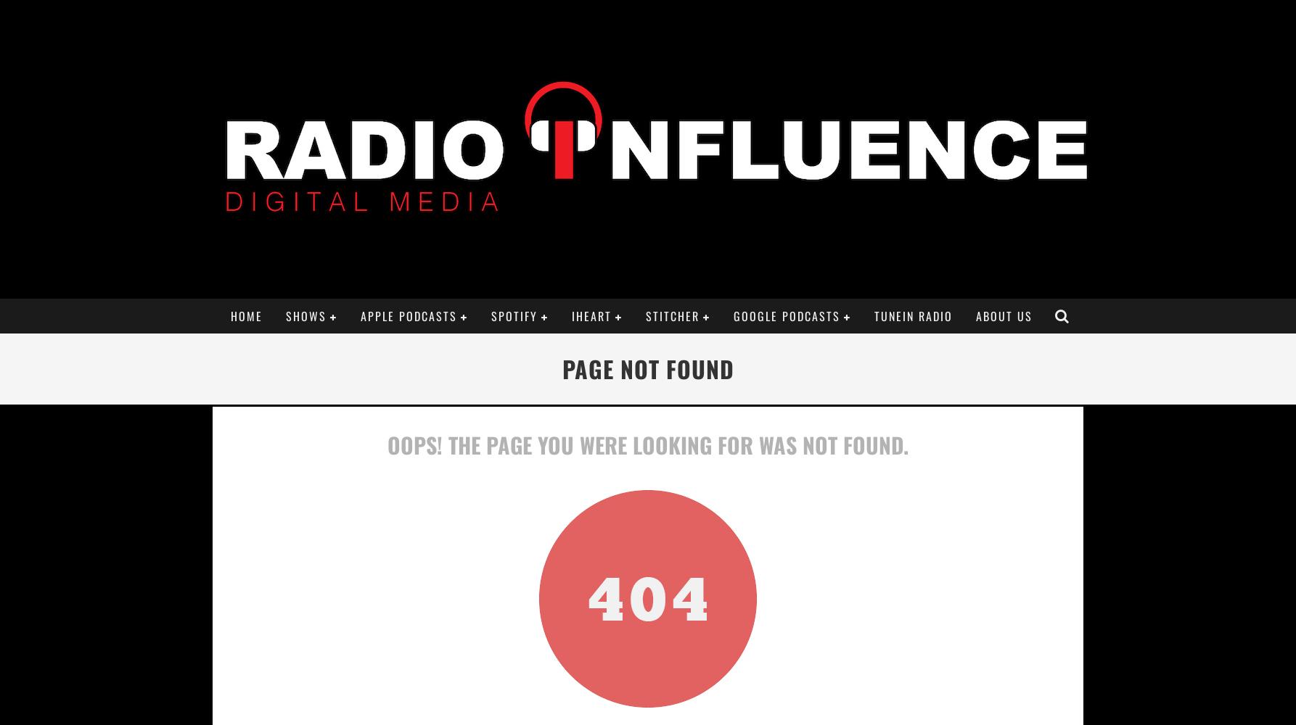  I want to click on 'iHeart', so click(591, 316).